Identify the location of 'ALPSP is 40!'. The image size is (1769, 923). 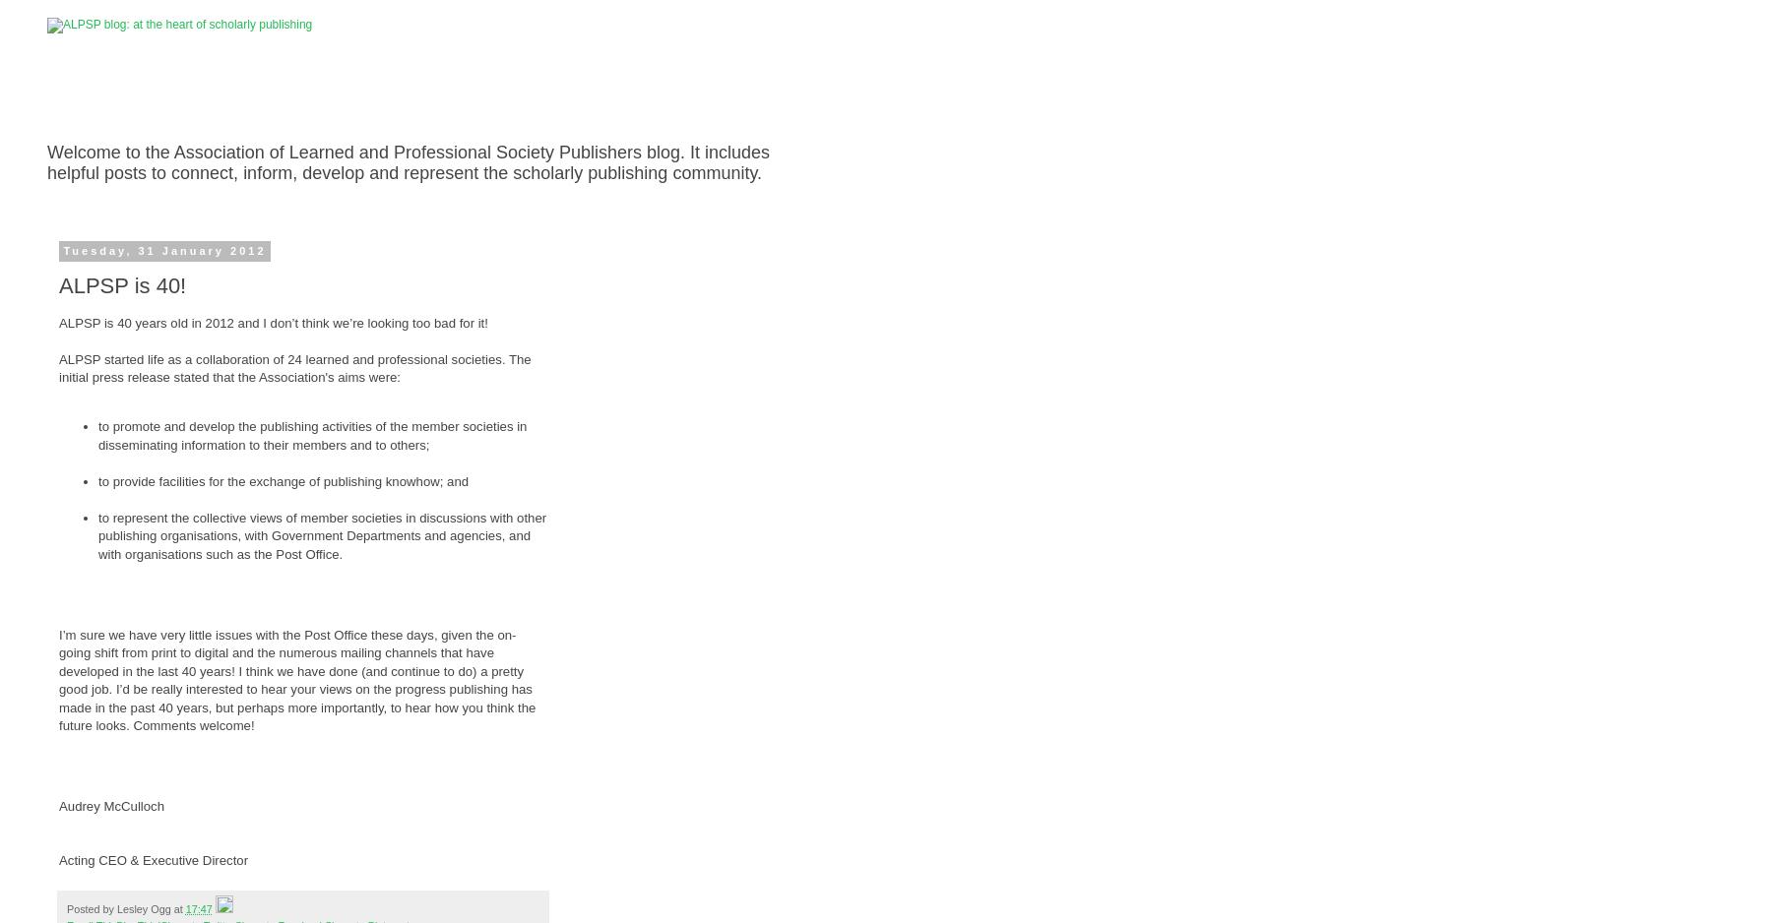
(58, 284).